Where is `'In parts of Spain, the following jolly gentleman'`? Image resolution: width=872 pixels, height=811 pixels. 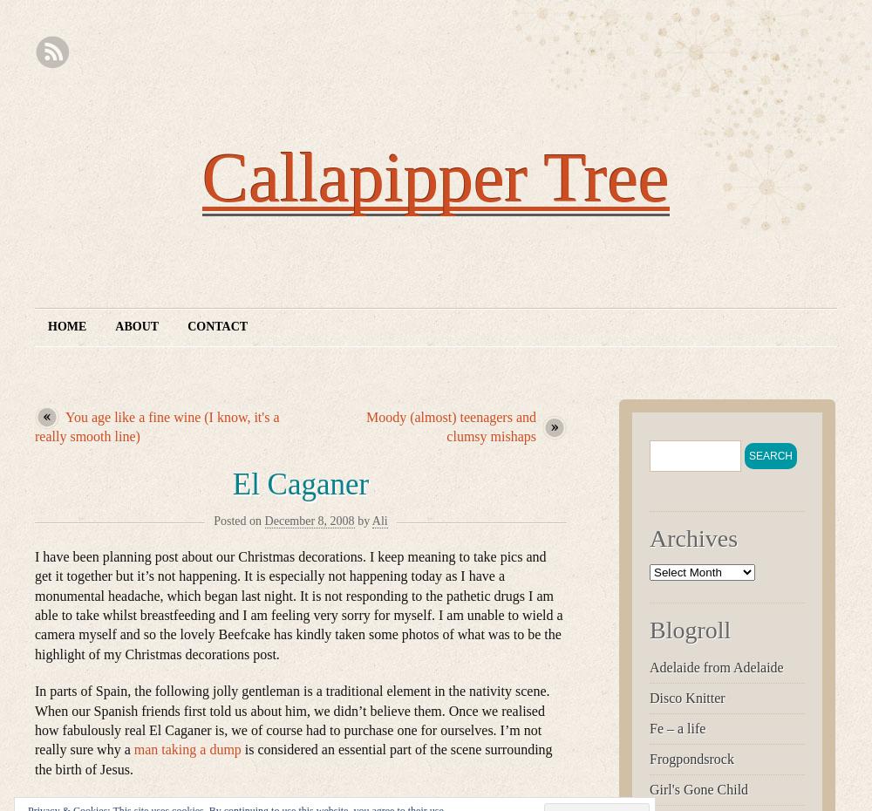
'In parts of Spain, the following jolly gentleman' is located at coordinates (166, 690).